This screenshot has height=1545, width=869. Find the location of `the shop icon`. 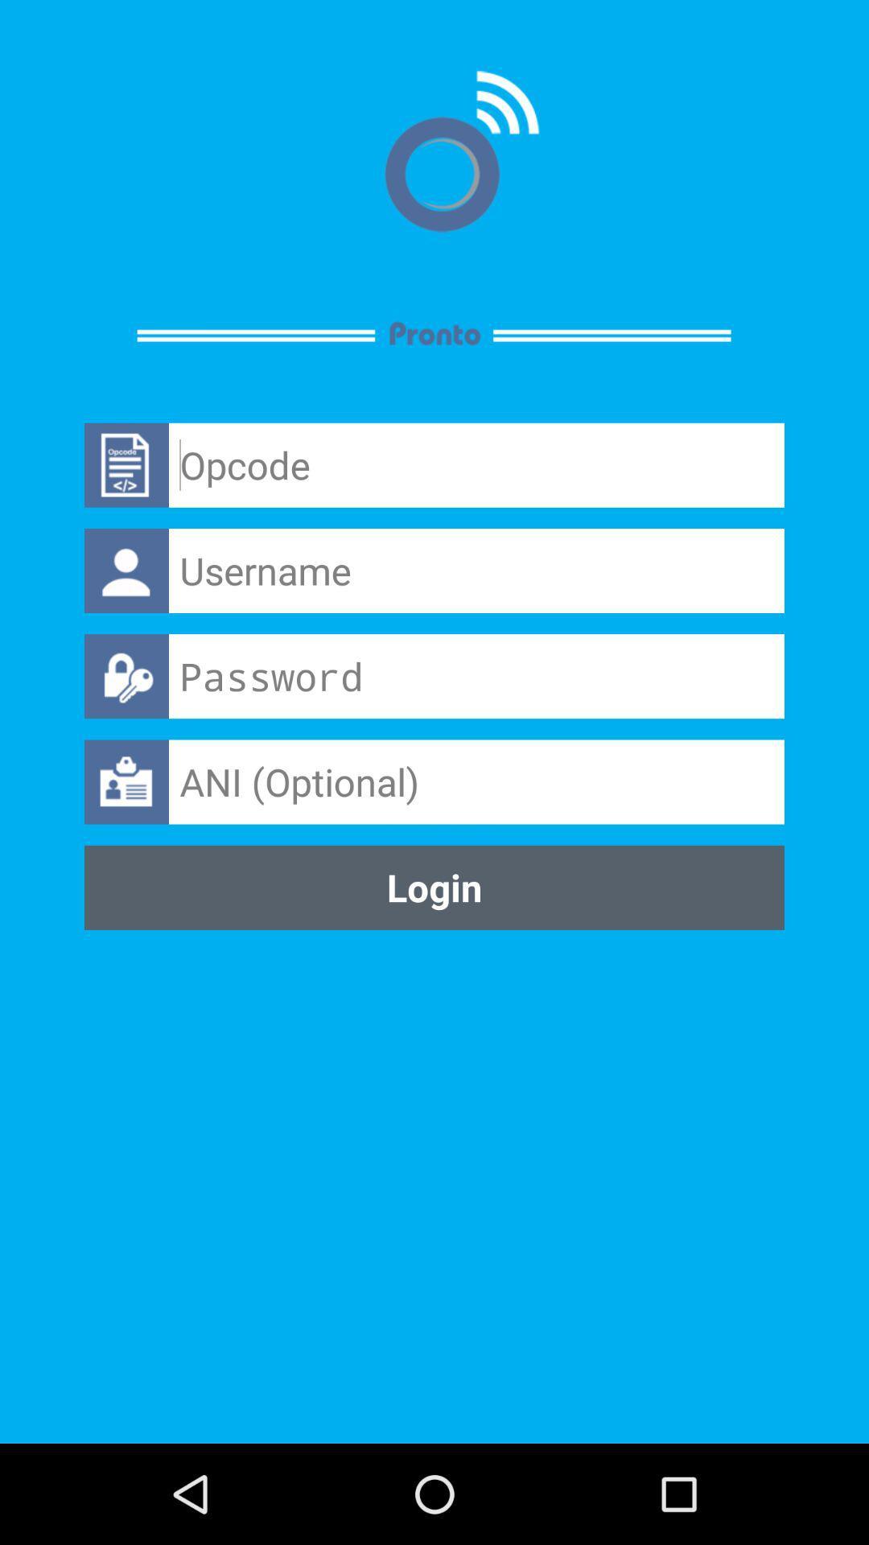

the shop icon is located at coordinates (126, 837).